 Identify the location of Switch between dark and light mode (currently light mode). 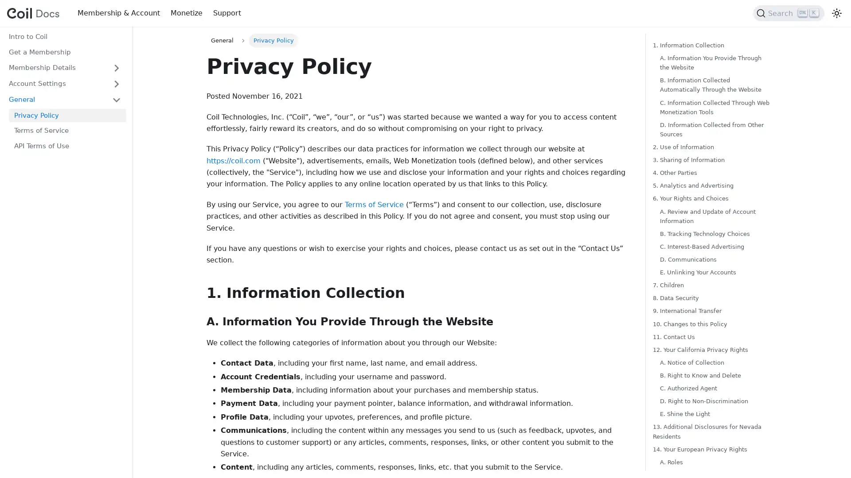
(836, 13).